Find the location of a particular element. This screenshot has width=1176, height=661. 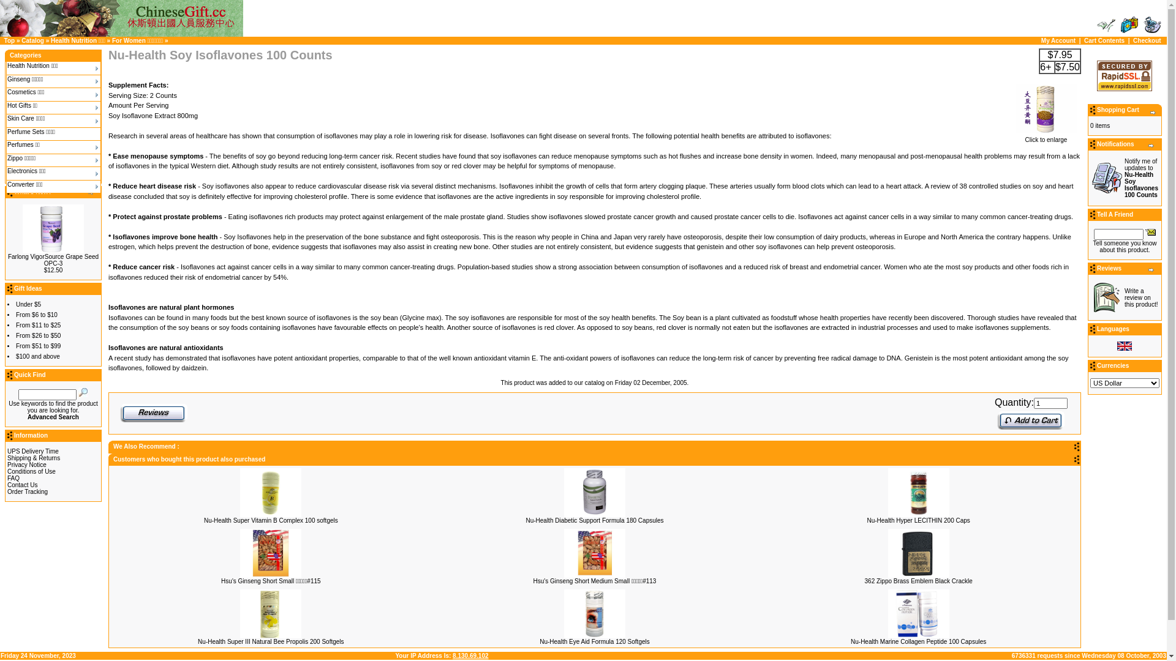

' Nu-Health Marine Collagen Peptide 100 Capsules ' is located at coordinates (918, 613).